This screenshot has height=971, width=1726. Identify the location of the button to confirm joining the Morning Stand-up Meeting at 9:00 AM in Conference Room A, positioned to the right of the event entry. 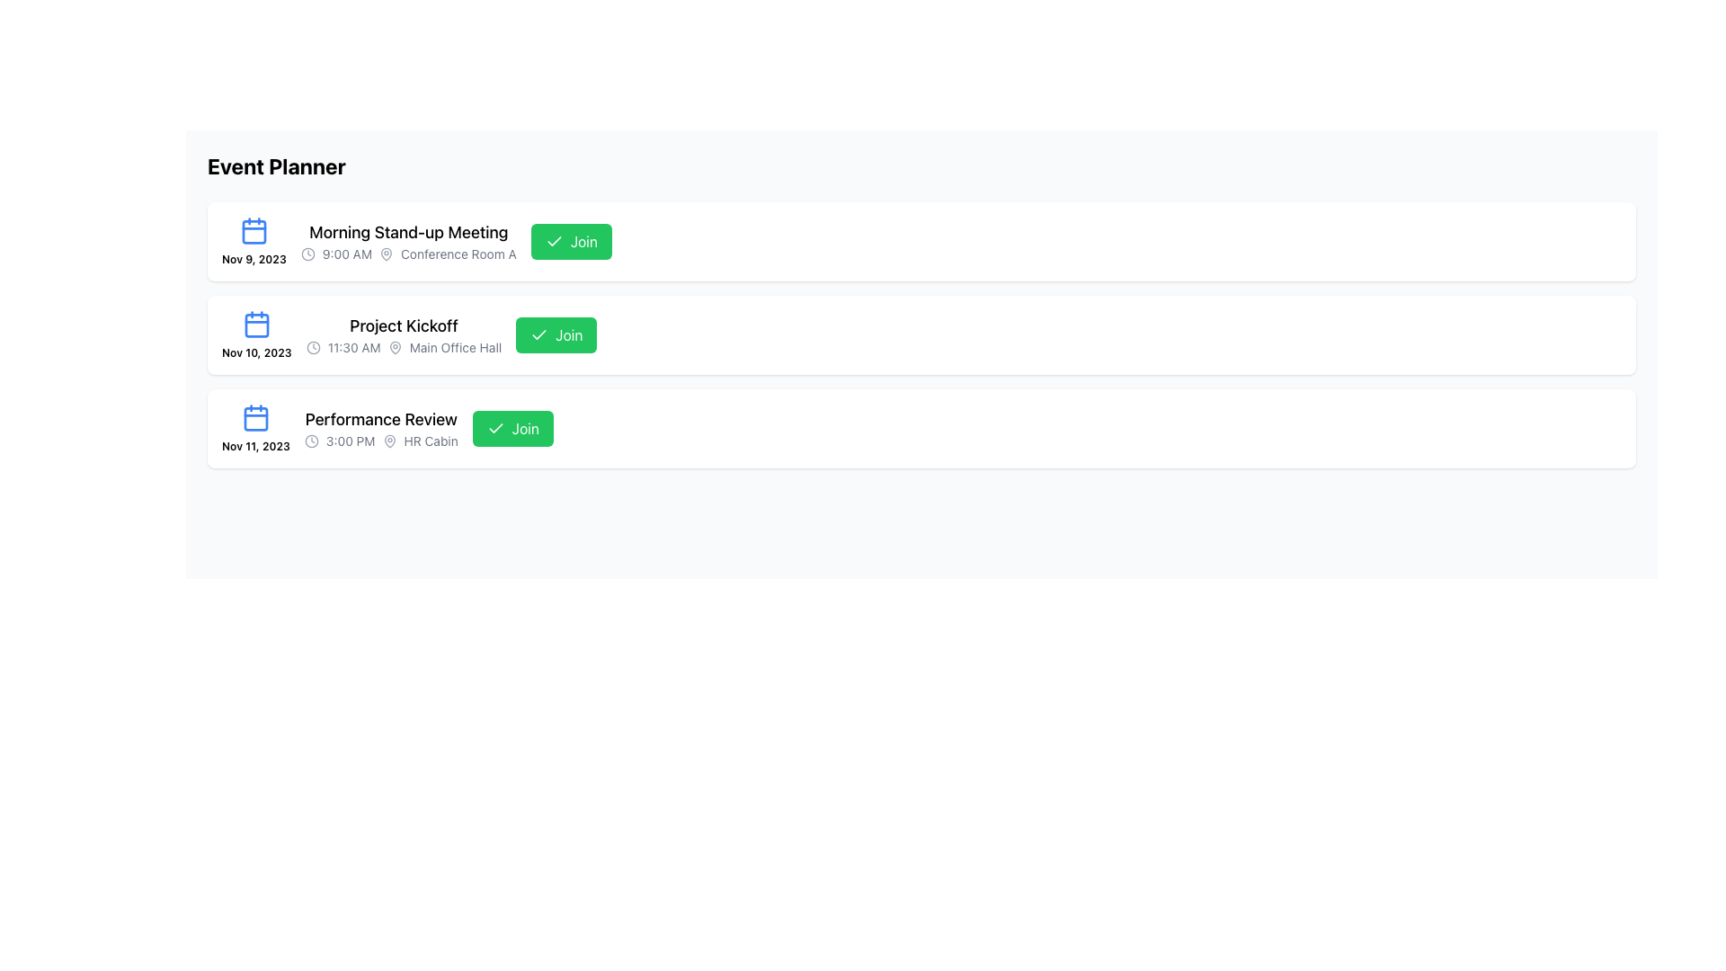
(570, 241).